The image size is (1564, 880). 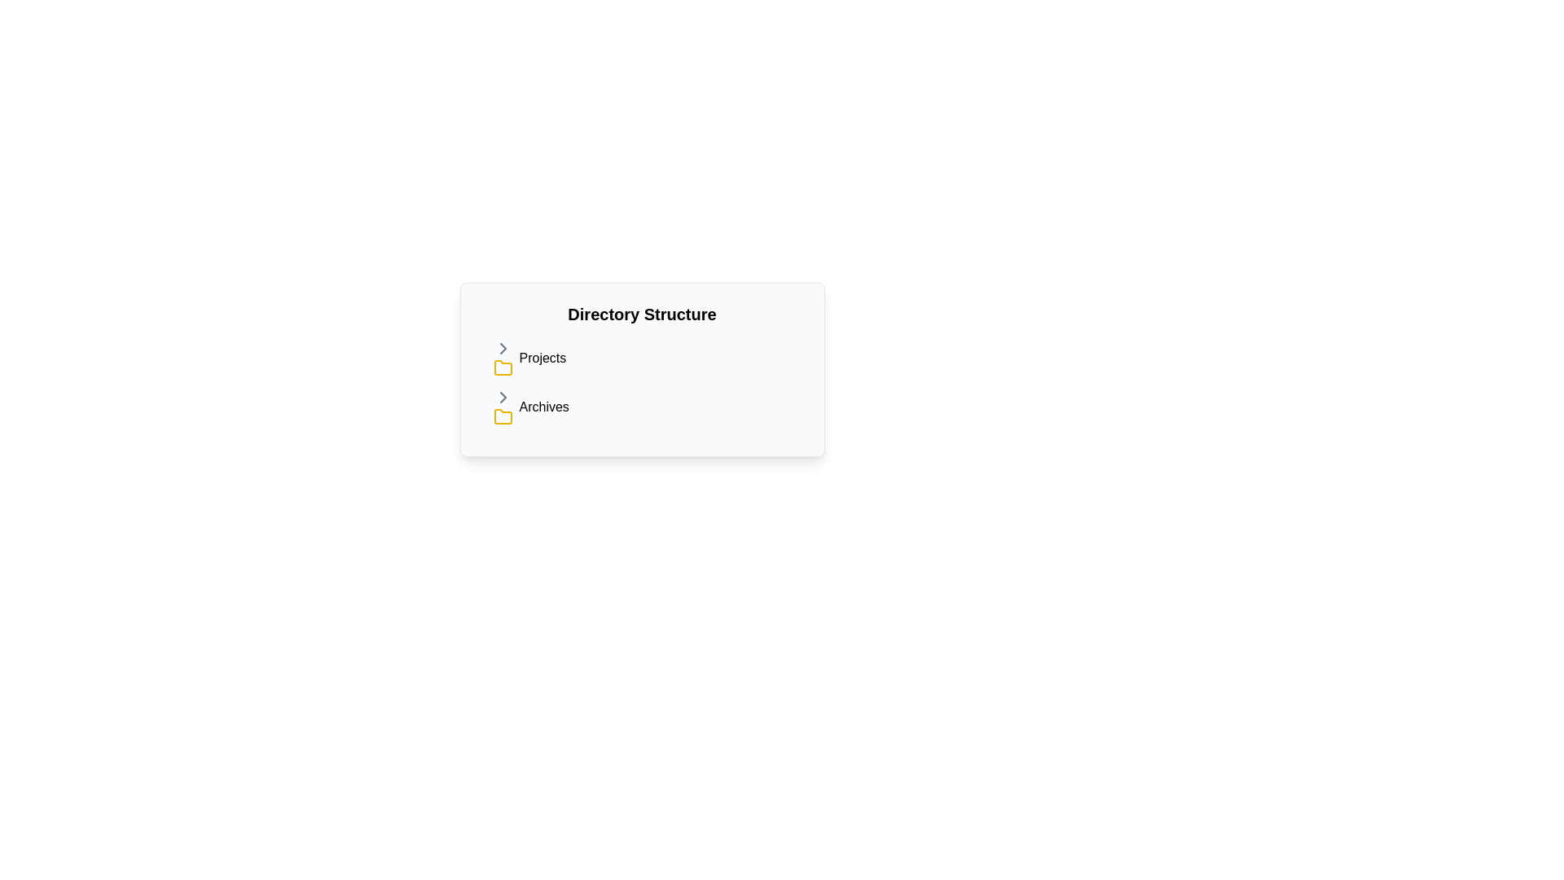 I want to click on the yellow folder icon representing the 'Projects' folder, so click(x=502, y=367).